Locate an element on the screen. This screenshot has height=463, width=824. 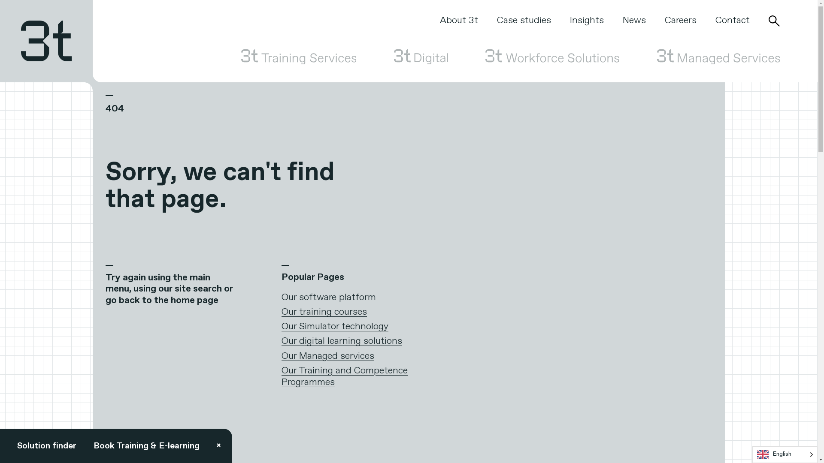
'Contact' is located at coordinates (732, 20).